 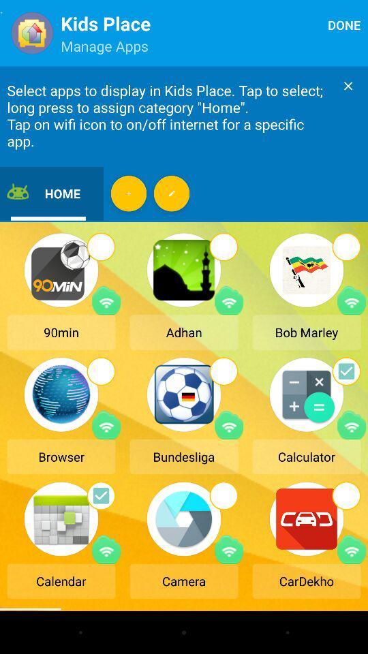 I want to click on check box under calender, so click(x=100, y=495).